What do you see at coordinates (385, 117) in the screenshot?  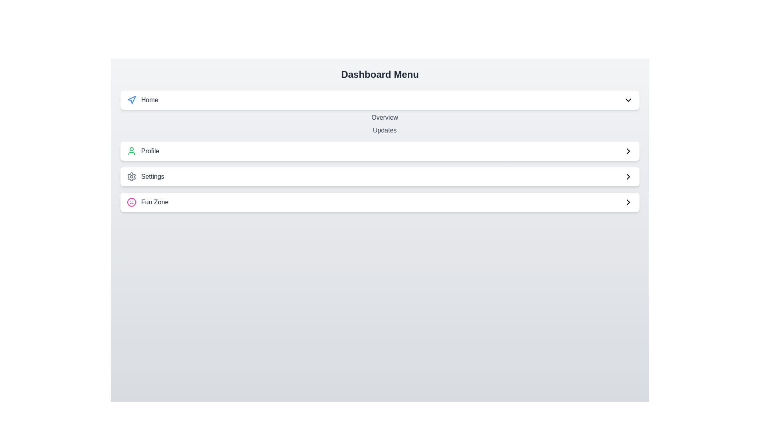 I see `the first text label in the 'Dashboard Menu' that leads to an overview page, positioned above the 'Updates' text element` at bounding box center [385, 117].